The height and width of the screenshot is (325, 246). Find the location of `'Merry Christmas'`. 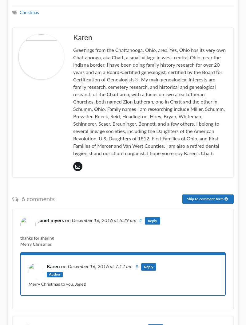

'Merry Christmas' is located at coordinates (20, 244).